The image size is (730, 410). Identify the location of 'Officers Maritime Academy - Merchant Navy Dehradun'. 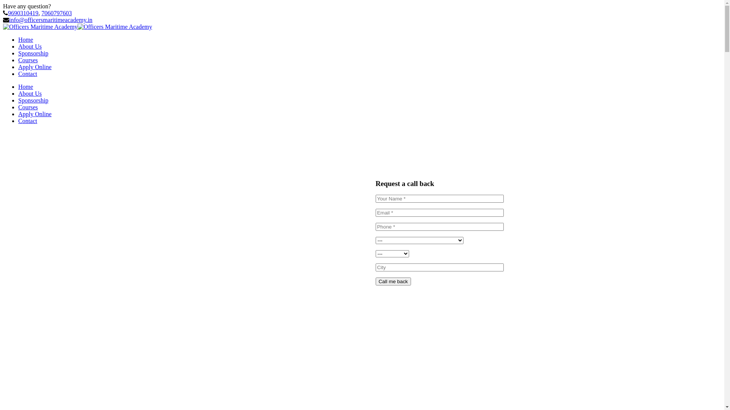
(40, 26).